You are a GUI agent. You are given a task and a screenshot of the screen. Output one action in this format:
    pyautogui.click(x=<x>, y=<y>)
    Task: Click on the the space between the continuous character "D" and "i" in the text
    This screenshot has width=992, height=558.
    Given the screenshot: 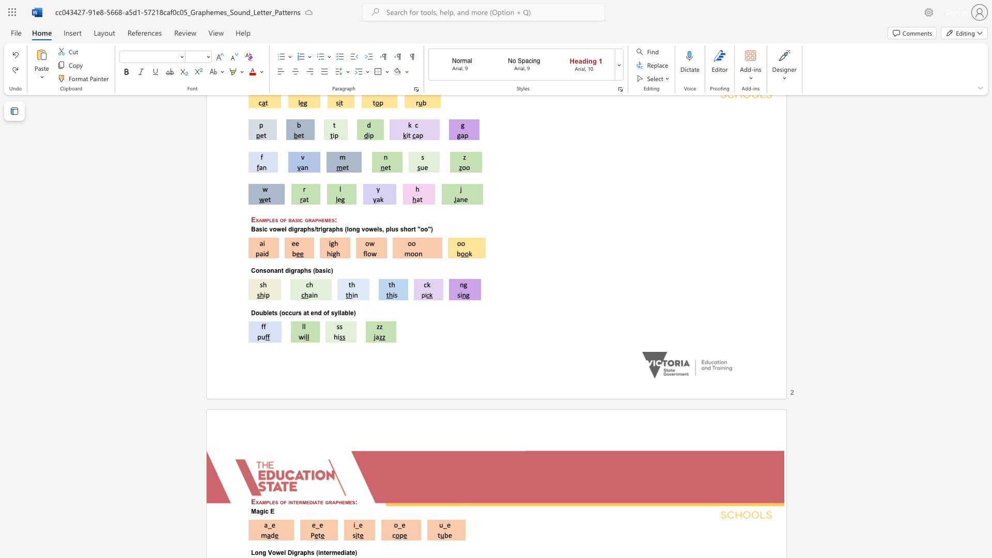 What is the action you would take?
    pyautogui.click(x=291, y=552)
    